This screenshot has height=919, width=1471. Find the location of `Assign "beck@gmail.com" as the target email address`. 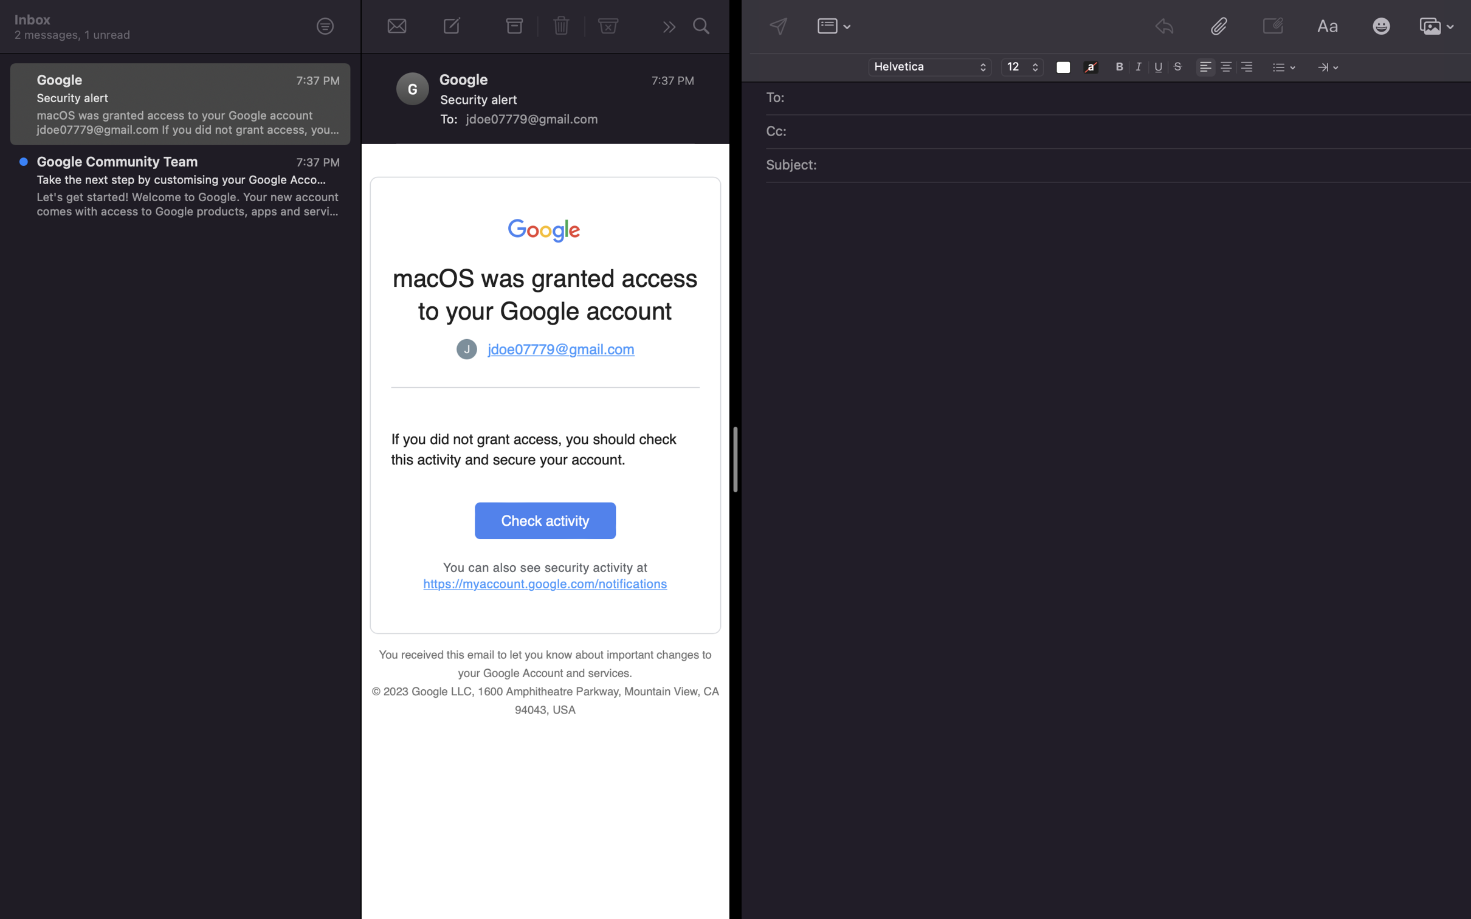

Assign "beck@gmail.com" as the target email address is located at coordinates (1127, 98).